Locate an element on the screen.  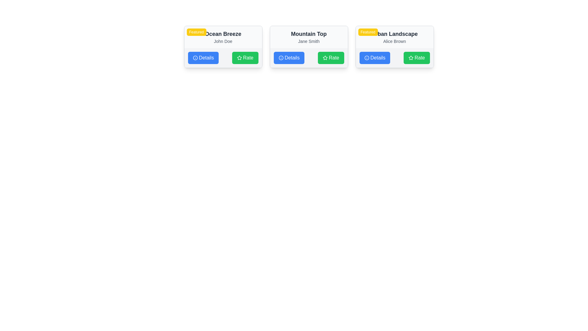
the green star-shaped icon within the 'Rate' button on the 'Urban Landscape' card is located at coordinates (411, 58).